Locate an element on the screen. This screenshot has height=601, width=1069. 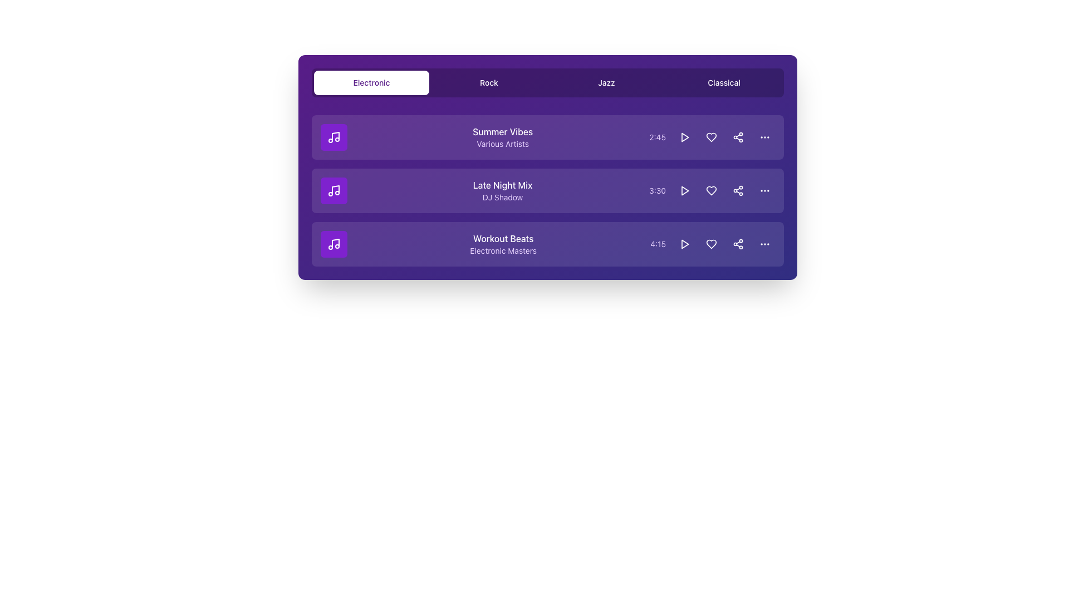
the square-shaped purple icon button with a white musical note, which represents the third entry in the song list titled 'Workout Beats' is located at coordinates (334, 244).